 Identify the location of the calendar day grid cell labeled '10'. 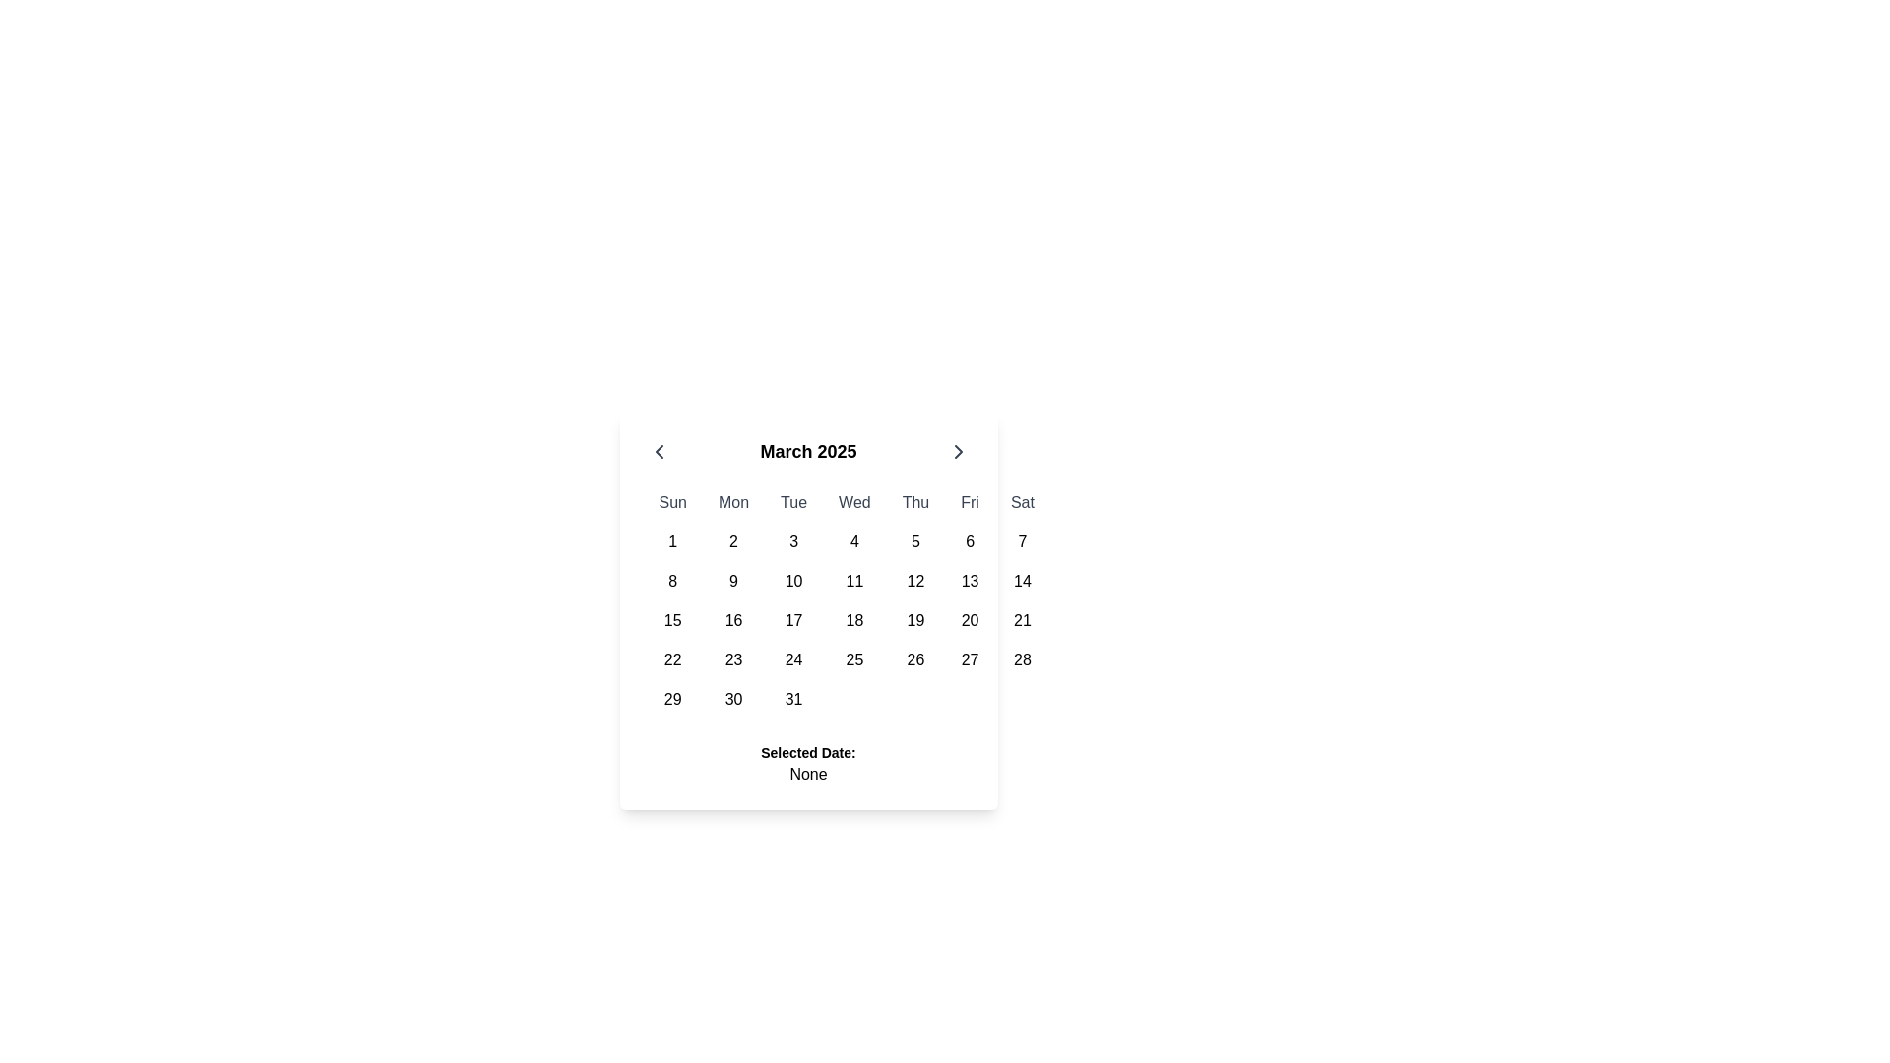
(793, 580).